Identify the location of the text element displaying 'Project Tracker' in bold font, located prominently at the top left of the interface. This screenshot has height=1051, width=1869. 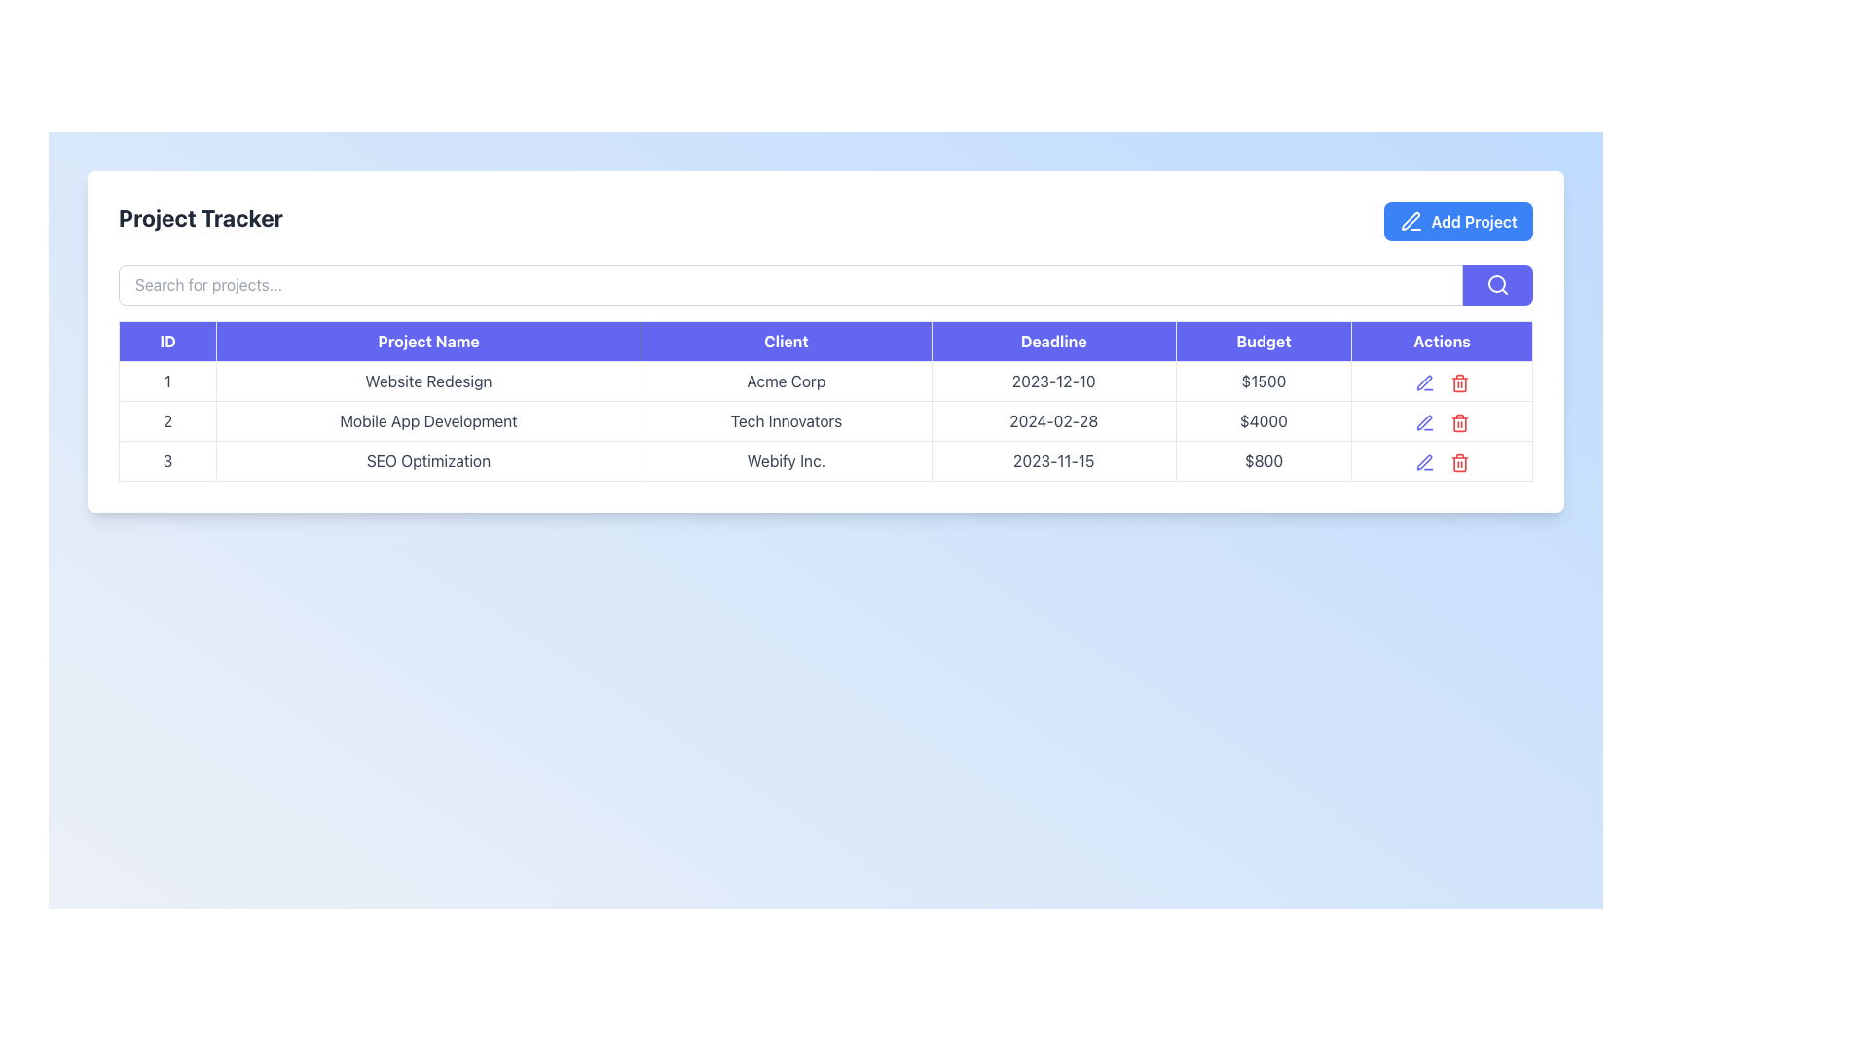
(201, 220).